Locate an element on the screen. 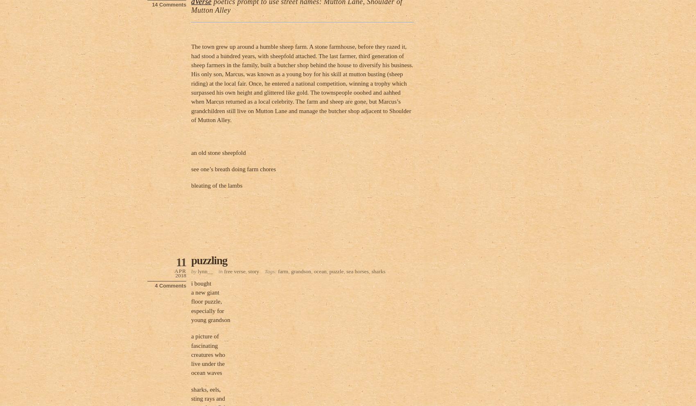  'sharks' is located at coordinates (378, 270).